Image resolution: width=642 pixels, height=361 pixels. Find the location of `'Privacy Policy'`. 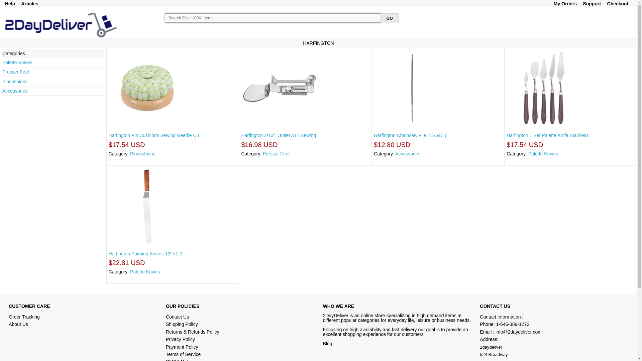

'Privacy Policy' is located at coordinates (180, 339).